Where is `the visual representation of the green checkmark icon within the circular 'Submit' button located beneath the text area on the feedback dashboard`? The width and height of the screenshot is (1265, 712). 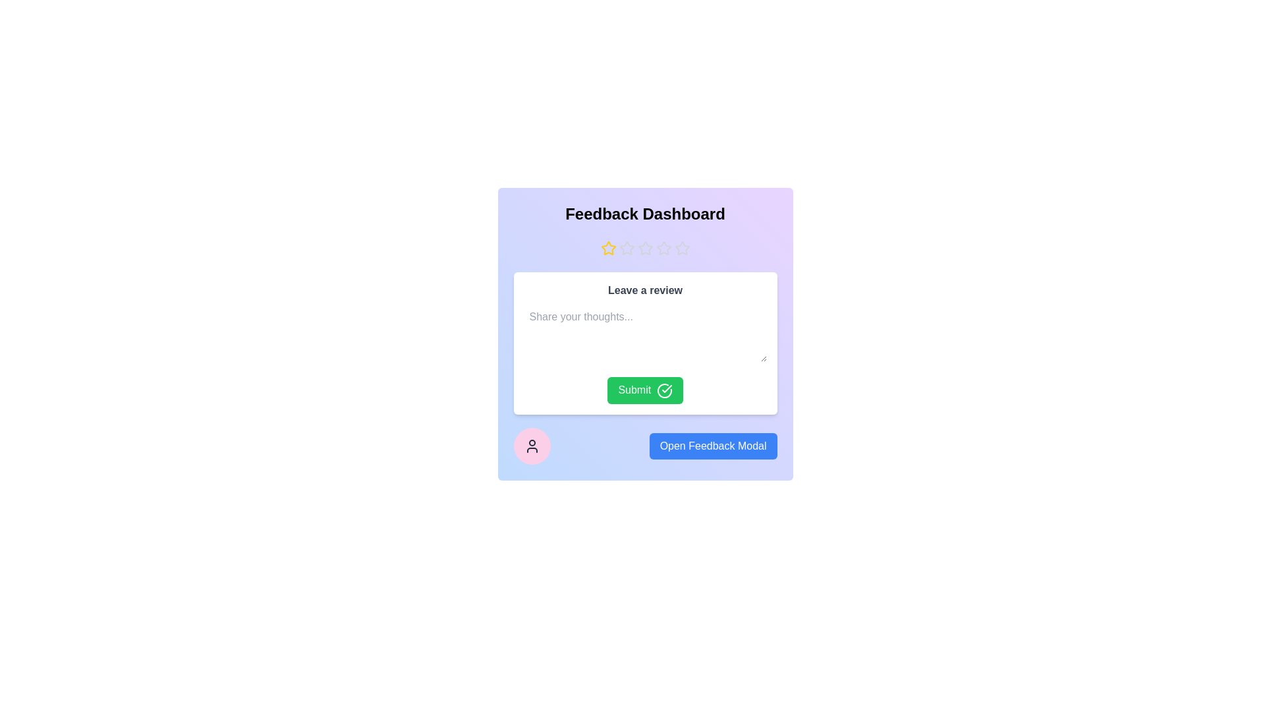 the visual representation of the green checkmark icon within the circular 'Submit' button located beneath the text area on the feedback dashboard is located at coordinates (667, 388).